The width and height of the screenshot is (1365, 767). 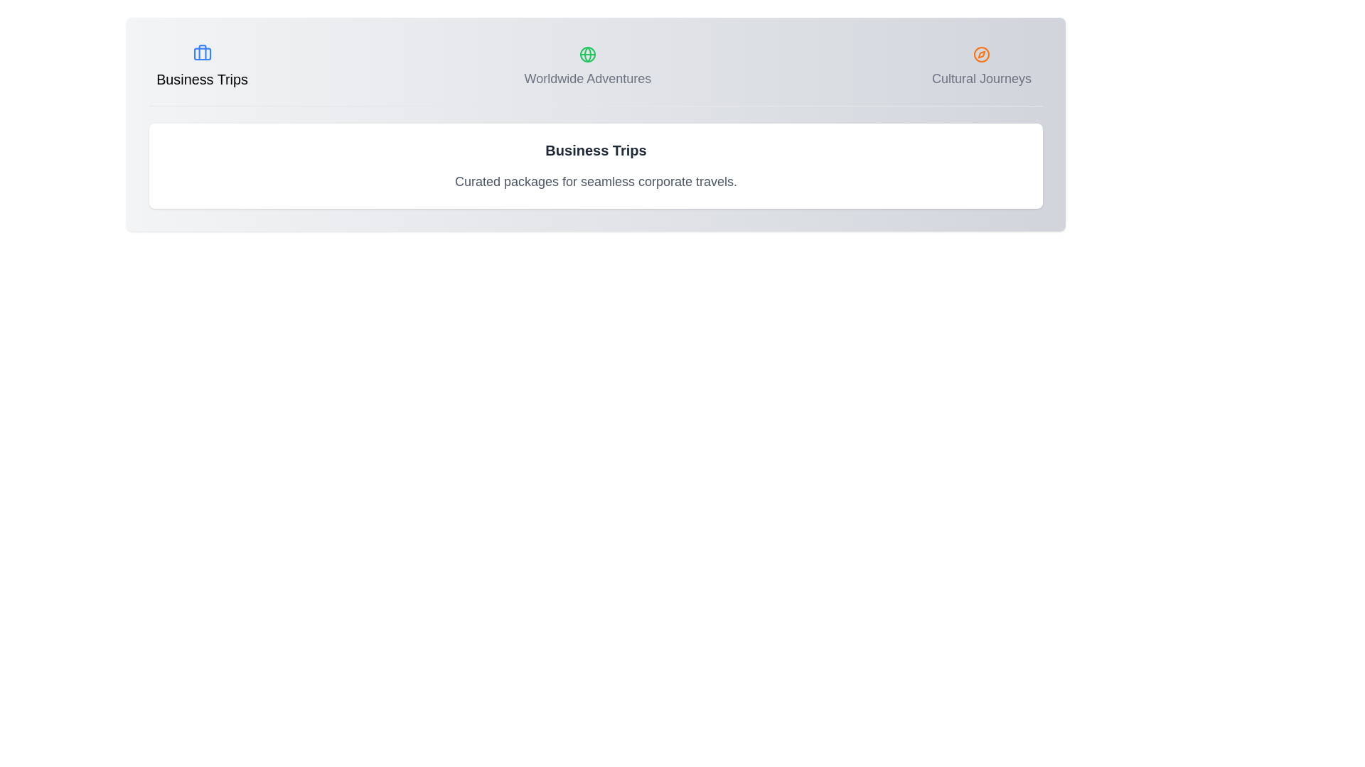 What do you see at coordinates (981, 67) in the screenshot?
I see `the tab labeled 'Cultural Journeys' to observe visual feedback` at bounding box center [981, 67].